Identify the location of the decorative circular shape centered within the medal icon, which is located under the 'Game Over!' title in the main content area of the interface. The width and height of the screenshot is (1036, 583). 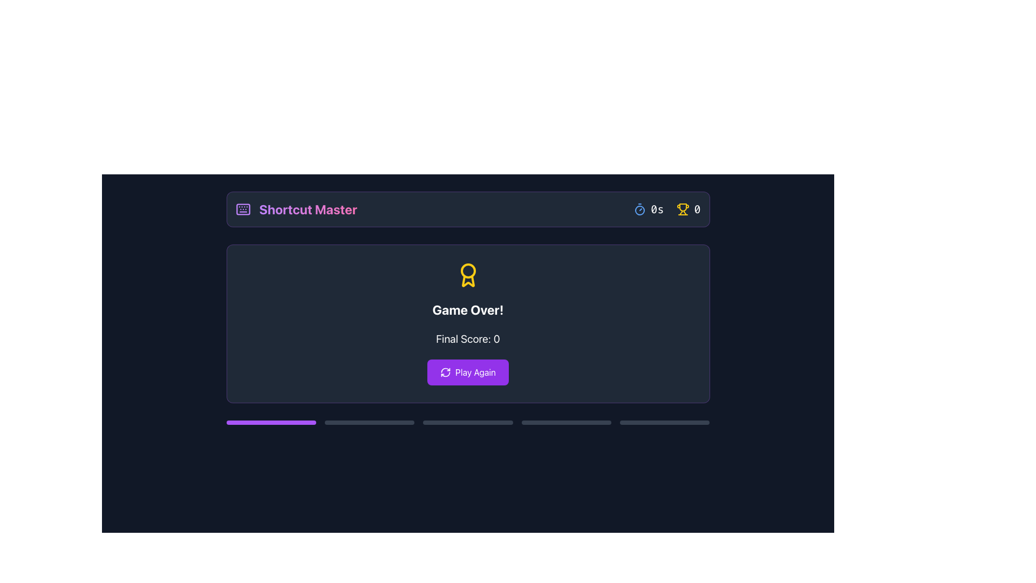
(468, 270).